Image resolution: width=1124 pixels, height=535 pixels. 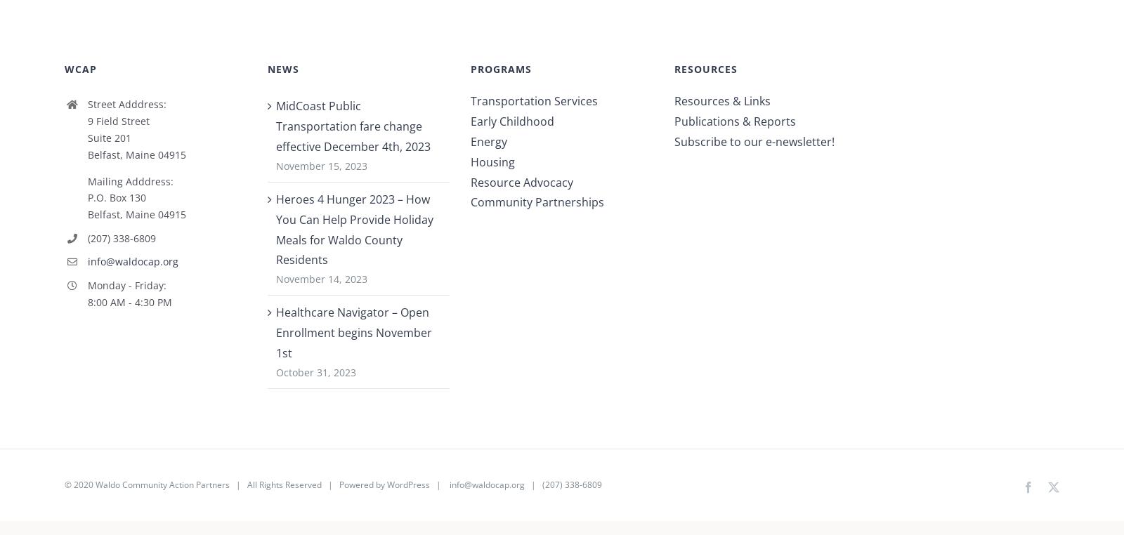 What do you see at coordinates (121, 243) in the screenshot?
I see `'(207) 338-6809'` at bounding box center [121, 243].